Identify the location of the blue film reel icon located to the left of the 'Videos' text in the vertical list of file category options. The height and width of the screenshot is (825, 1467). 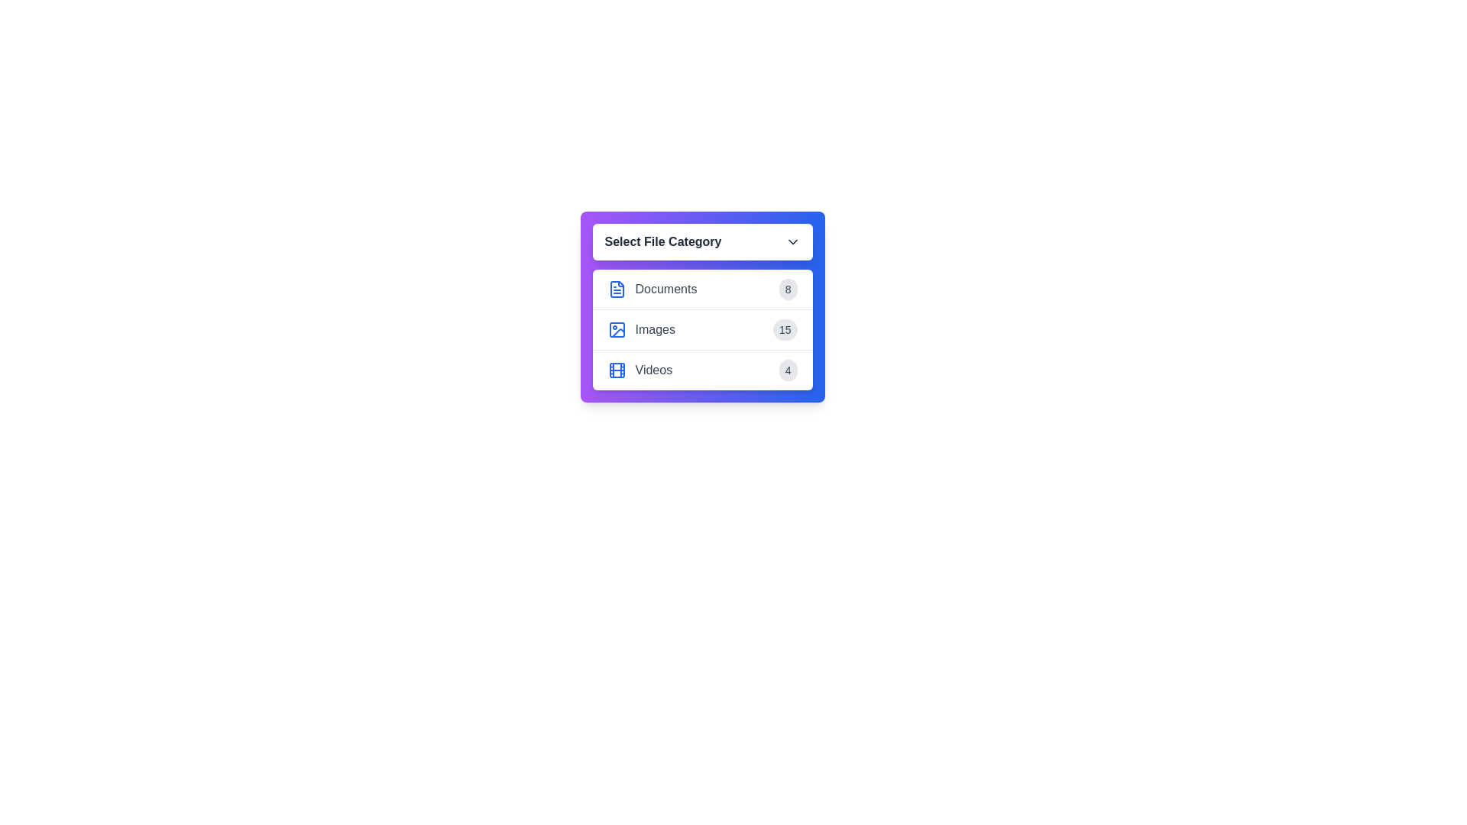
(617, 370).